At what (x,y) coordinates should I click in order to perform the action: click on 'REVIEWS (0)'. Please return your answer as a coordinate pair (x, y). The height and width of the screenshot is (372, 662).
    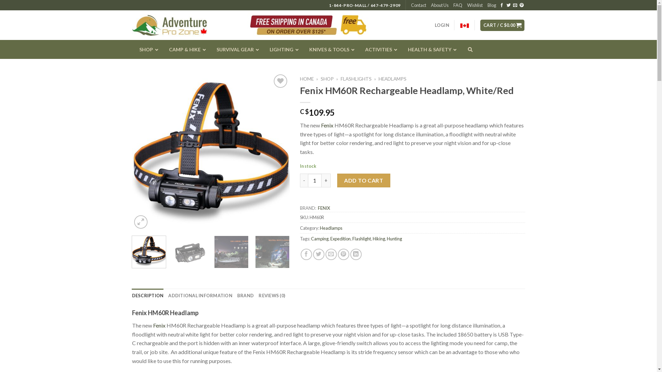
    Looking at the image, I should click on (271, 295).